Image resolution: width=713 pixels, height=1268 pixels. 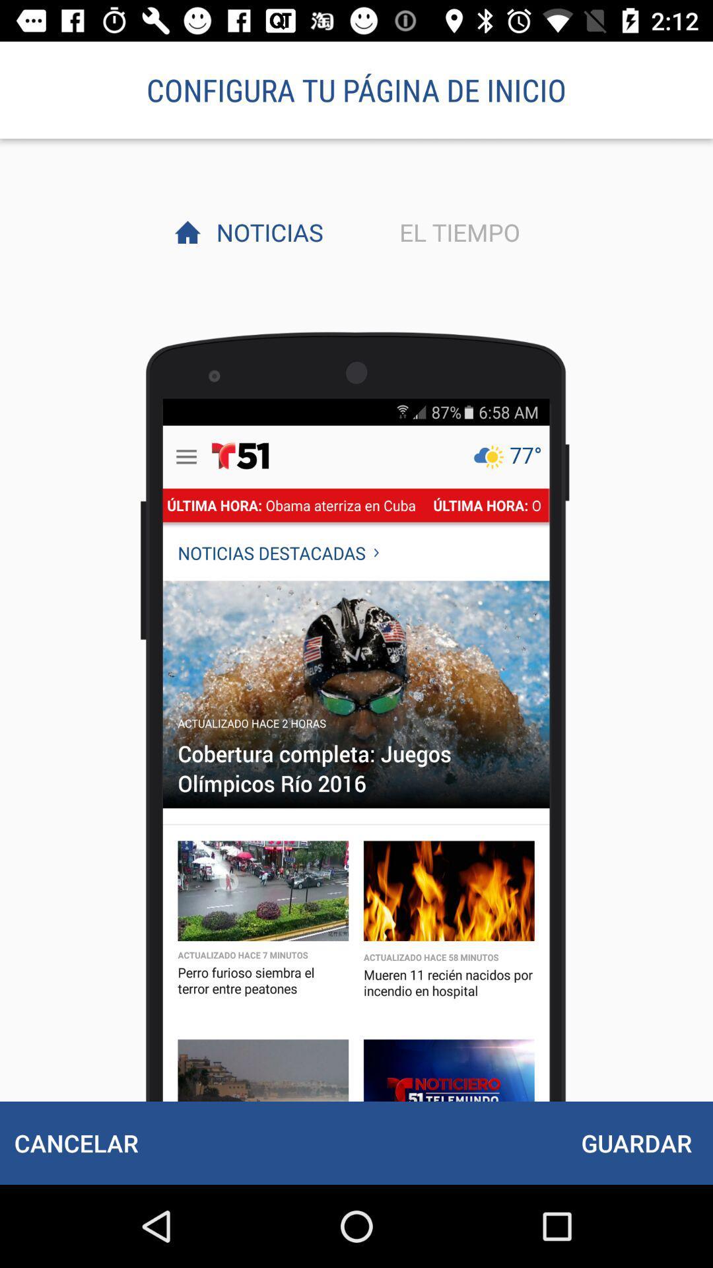 What do you see at coordinates (636, 1143) in the screenshot?
I see `the guardar item` at bounding box center [636, 1143].